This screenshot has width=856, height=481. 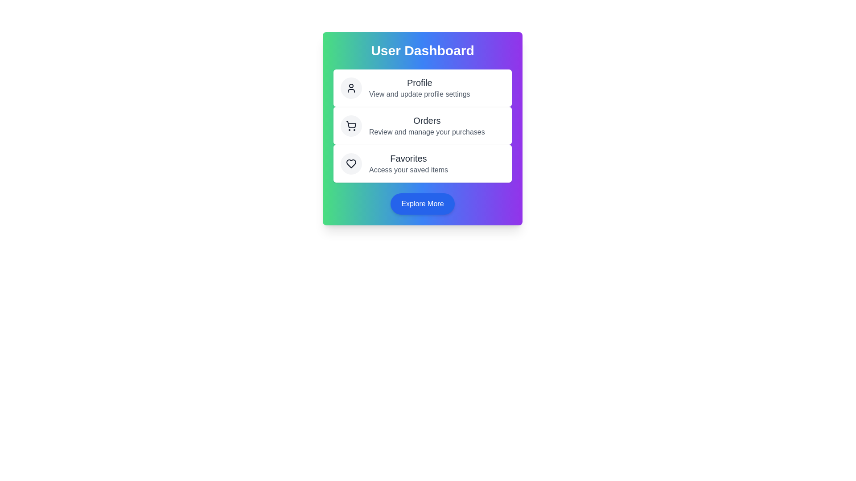 What do you see at coordinates (408, 158) in the screenshot?
I see `the text element Favorites for copying or reading` at bounding box center [408, 158].